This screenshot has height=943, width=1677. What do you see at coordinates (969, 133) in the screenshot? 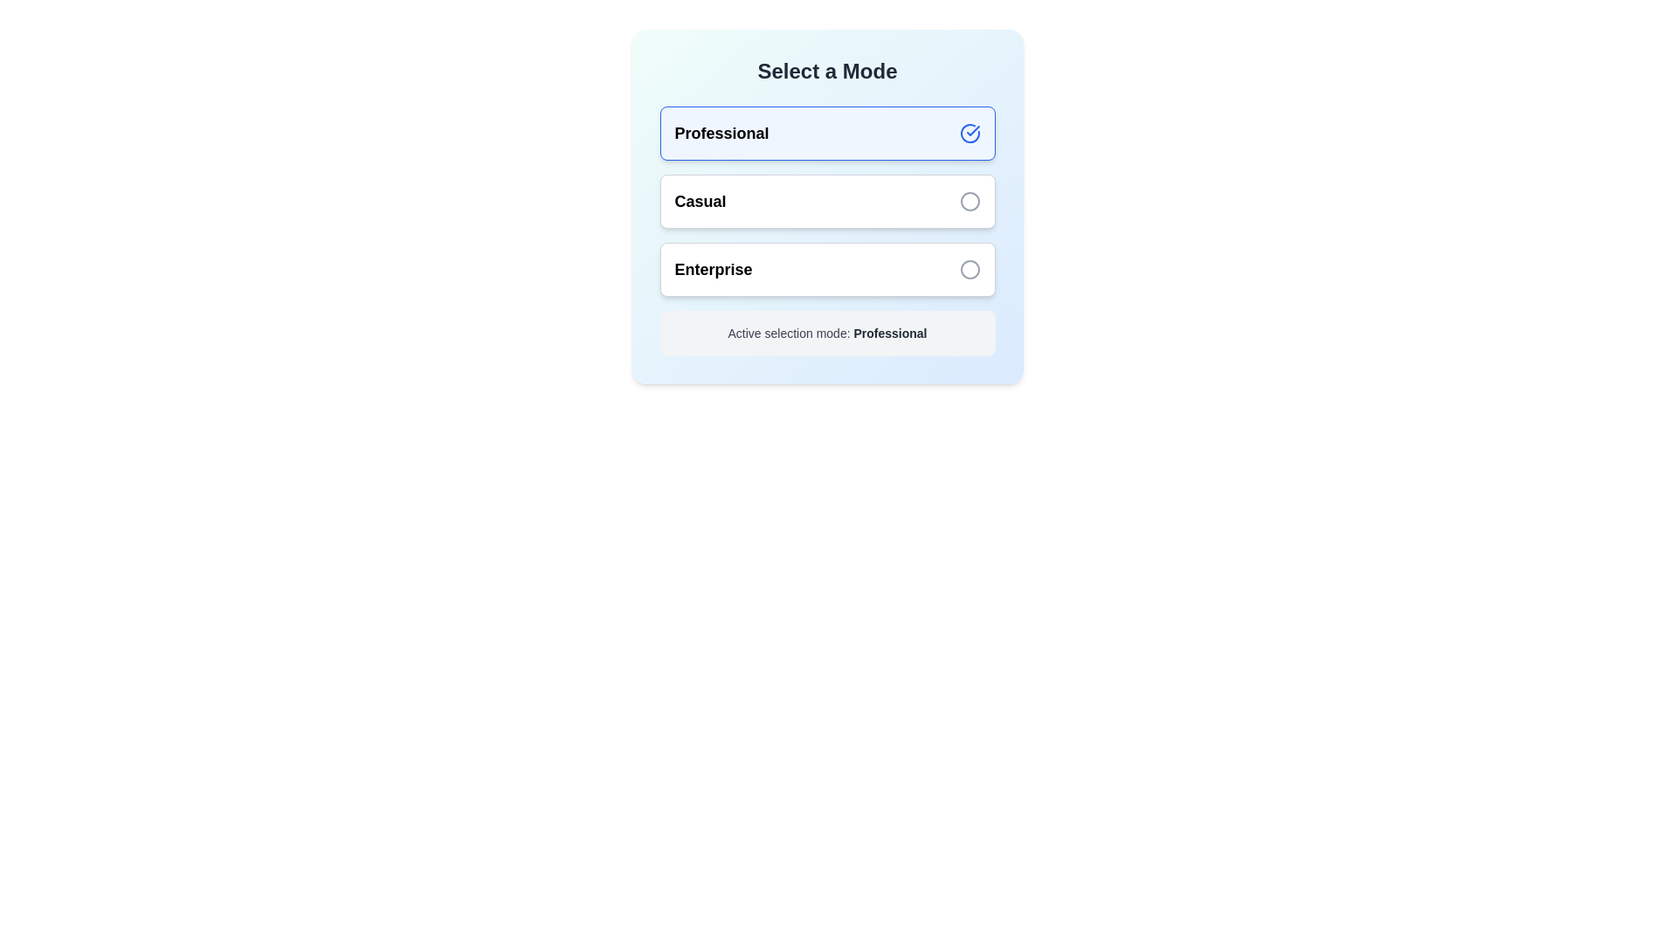
I see `the visual indicator icon marking the 'Professional' option in the selection mode interface located at the top-right corner of the 'Professional' selection card` at bounding box center [969, 133].